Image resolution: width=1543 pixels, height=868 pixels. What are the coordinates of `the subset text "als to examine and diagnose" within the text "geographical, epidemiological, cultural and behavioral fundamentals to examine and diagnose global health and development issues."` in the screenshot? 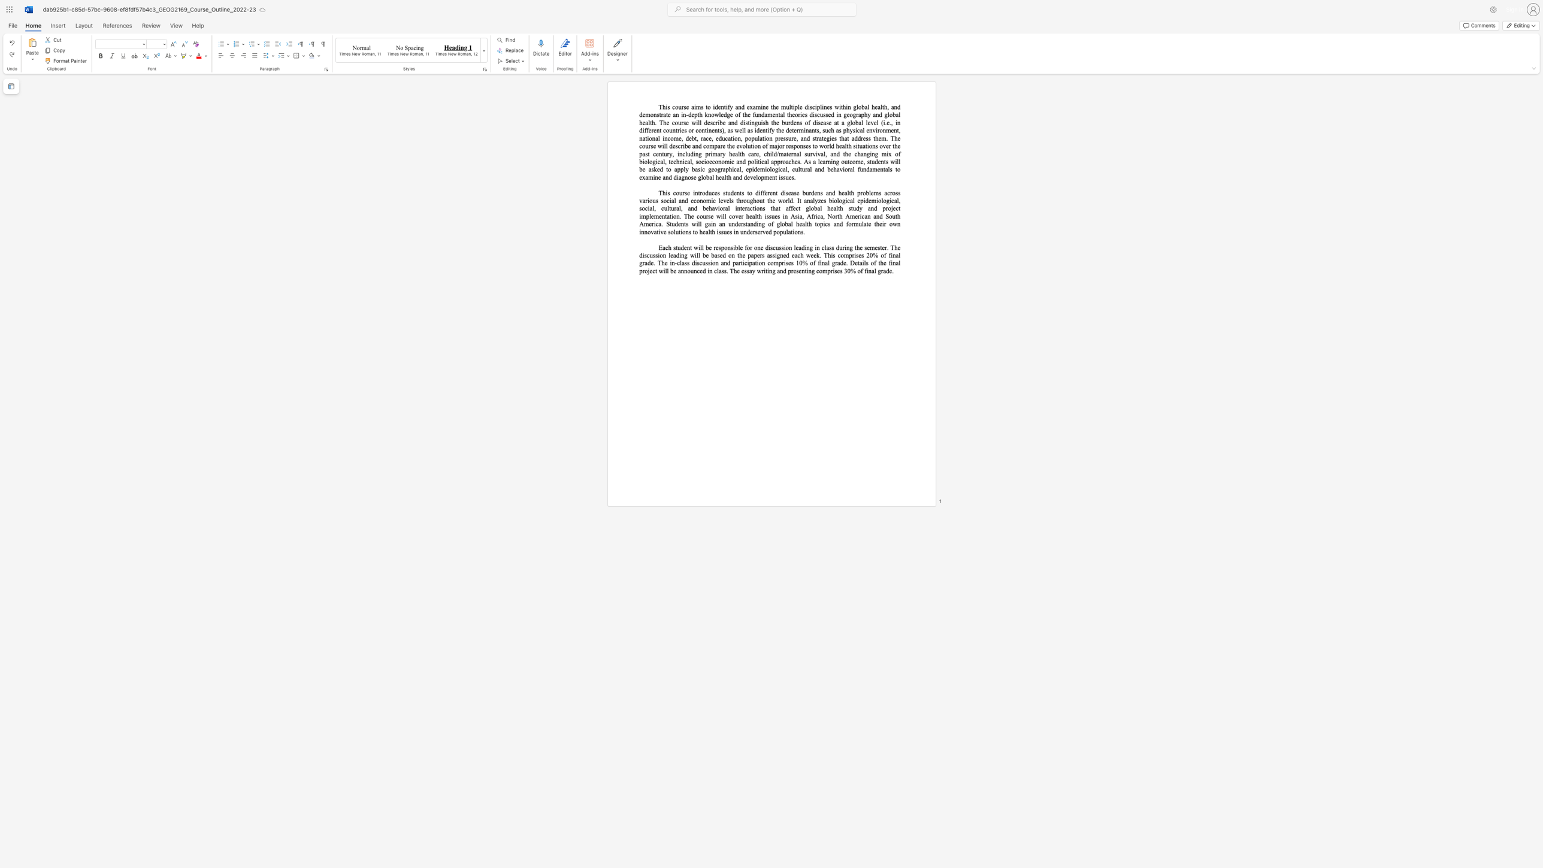 It's located at (885, 169).